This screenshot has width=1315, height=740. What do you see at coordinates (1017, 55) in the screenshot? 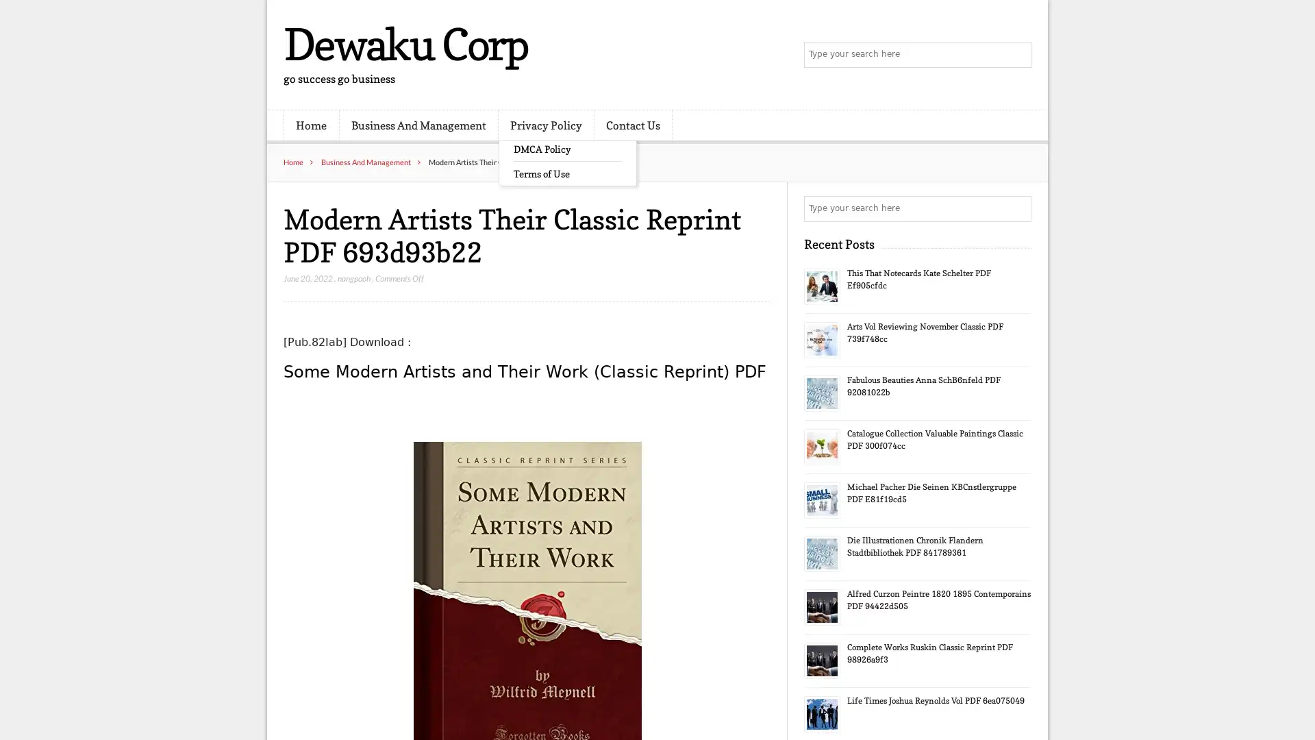
I see `Search` at bounding box center [1017, 55].